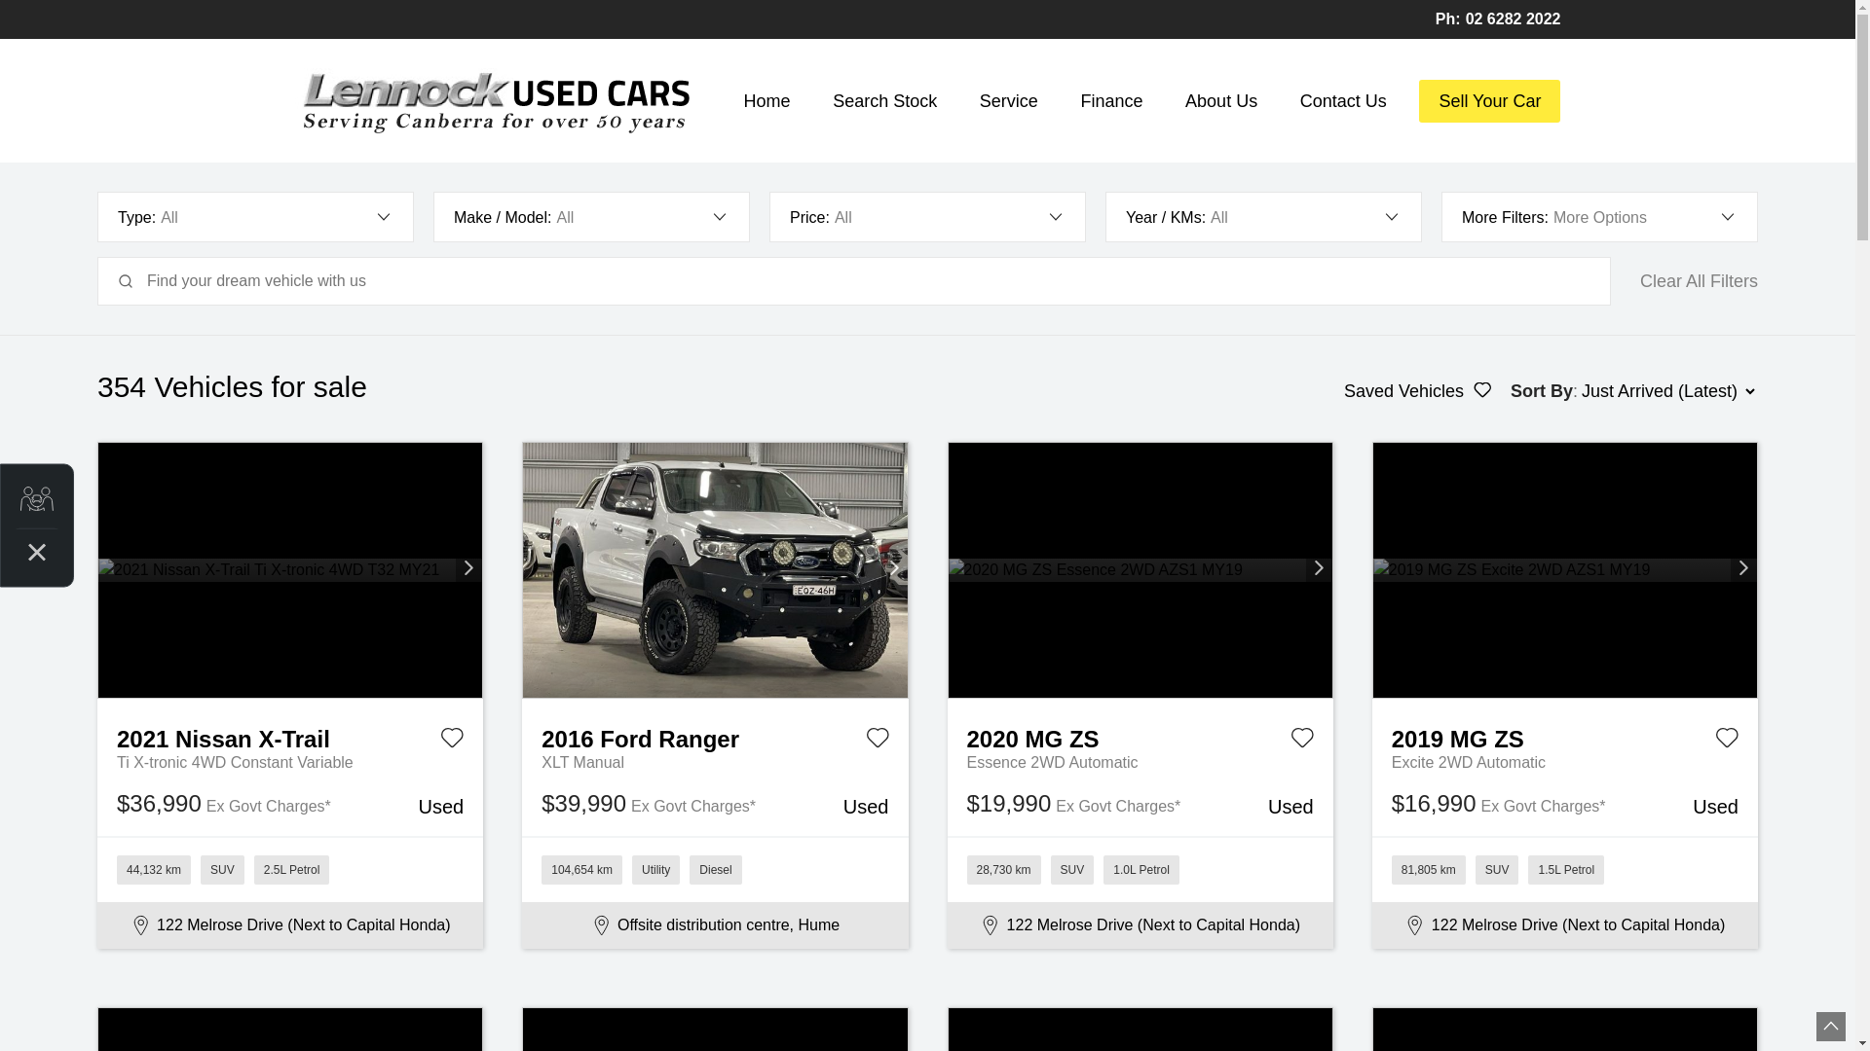 The image size is (1870, 1051). I want to click on '2020 MG ZS Essence 2WD AZS1 MY19', so click(1141, 569).